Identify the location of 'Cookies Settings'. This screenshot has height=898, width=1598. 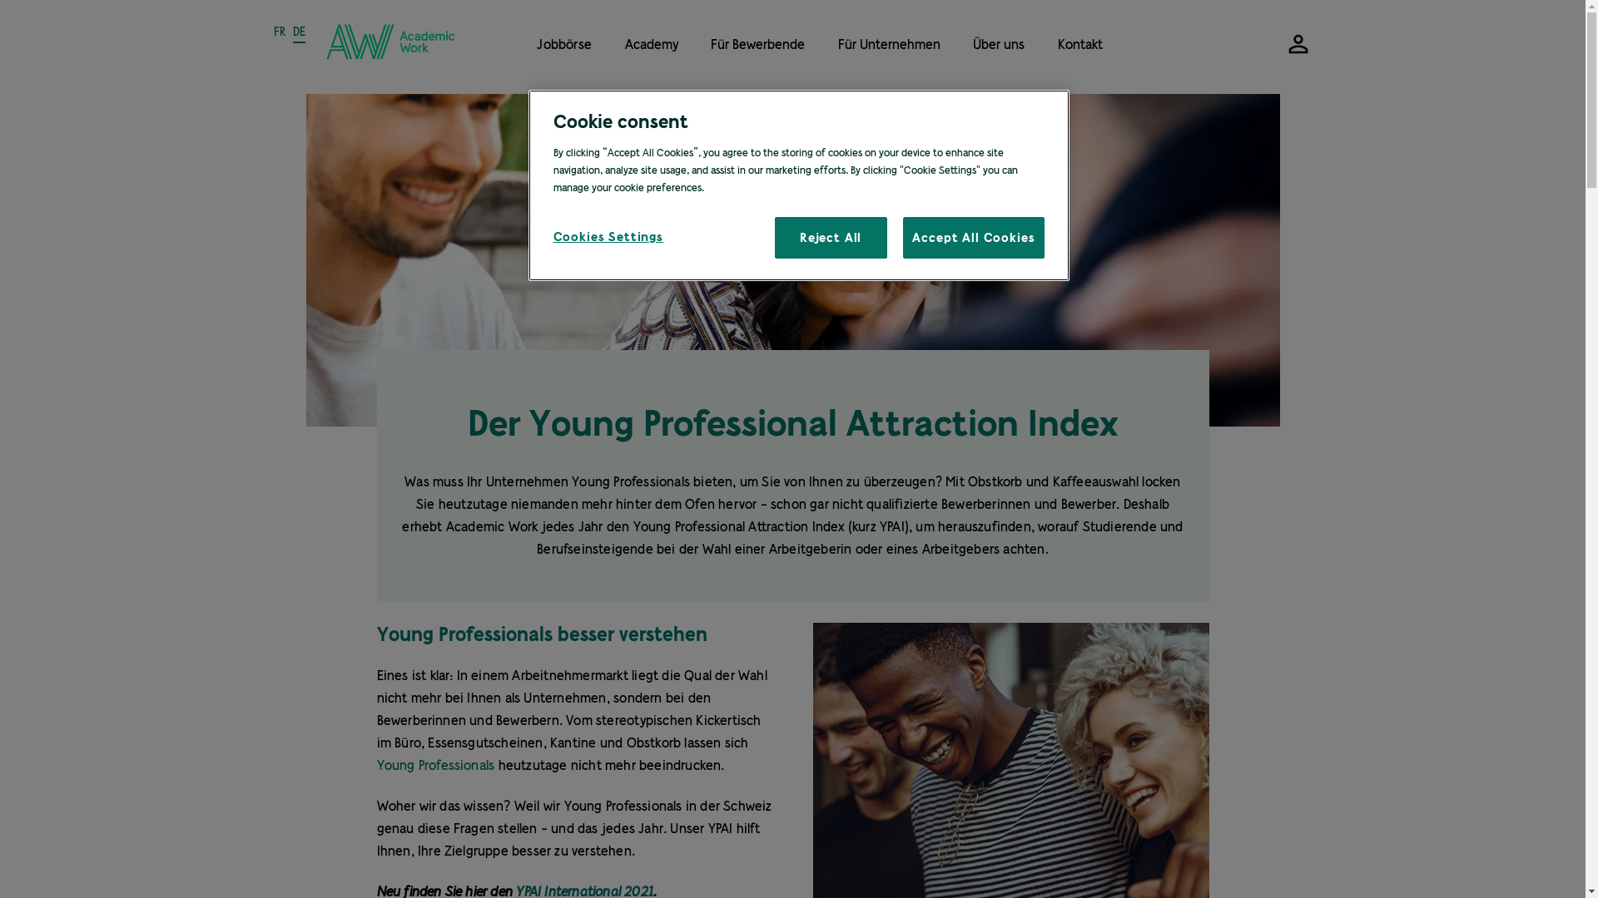
(608, 237).